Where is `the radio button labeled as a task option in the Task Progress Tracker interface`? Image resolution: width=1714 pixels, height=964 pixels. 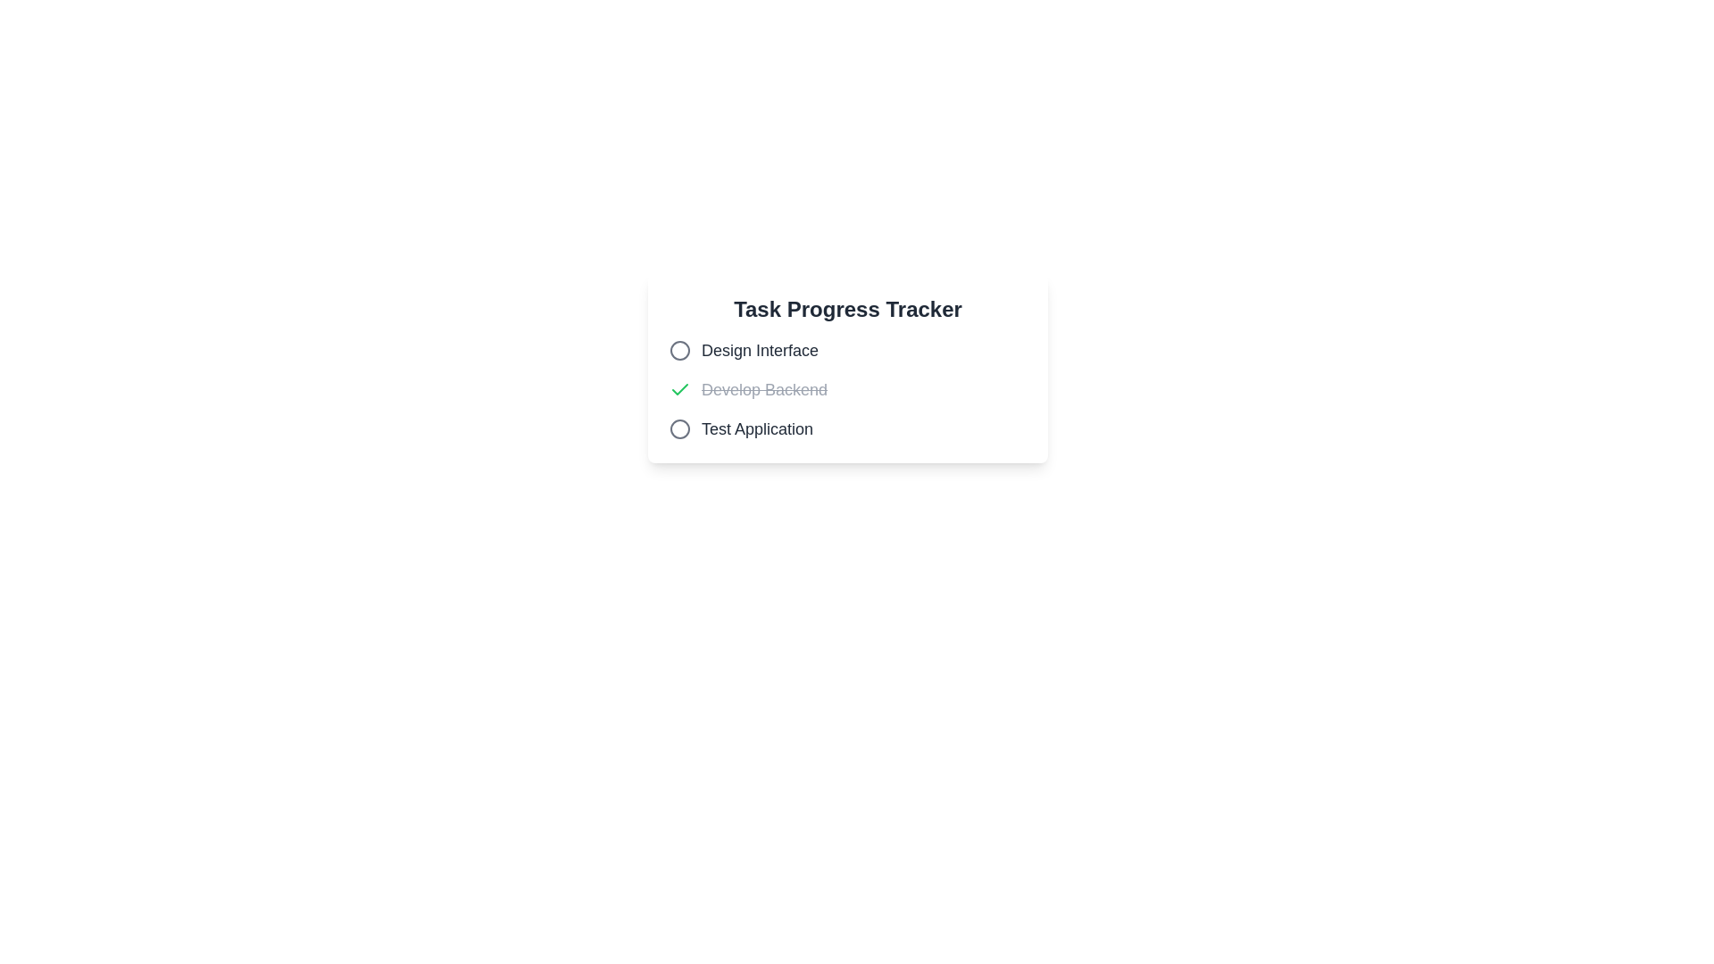
the radio button labeled as a task option in the Task Progress Tracker interface is located at coordinates (744, 351).